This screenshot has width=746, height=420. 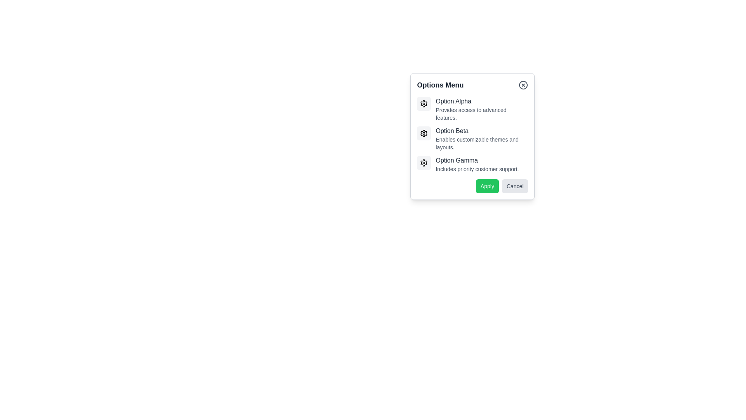 What do you see at coordinates (424, 163) in the screenshot?
I see `the graphical representation of the settings icon, which is a gear-shaped icon located in the top-left corner of the 'Option Gamma' entry in the 'Options Menu'` at bounding box center [424, 163].